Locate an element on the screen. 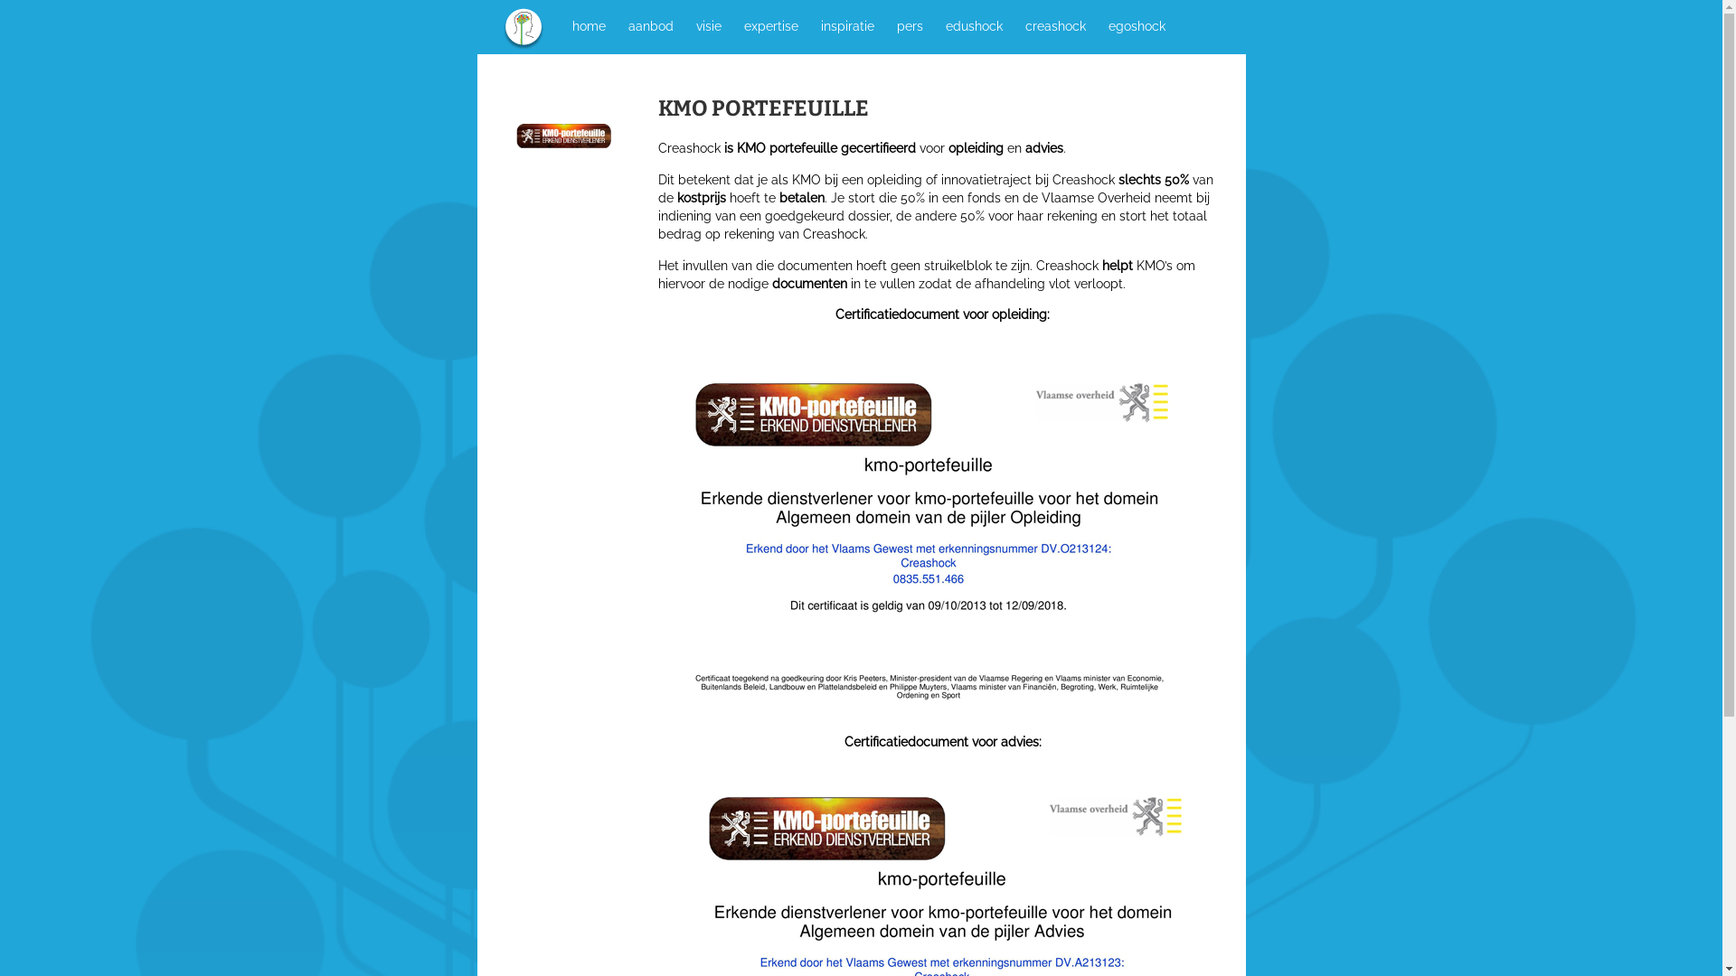  'edushock' is located at coordinates (972, 25).